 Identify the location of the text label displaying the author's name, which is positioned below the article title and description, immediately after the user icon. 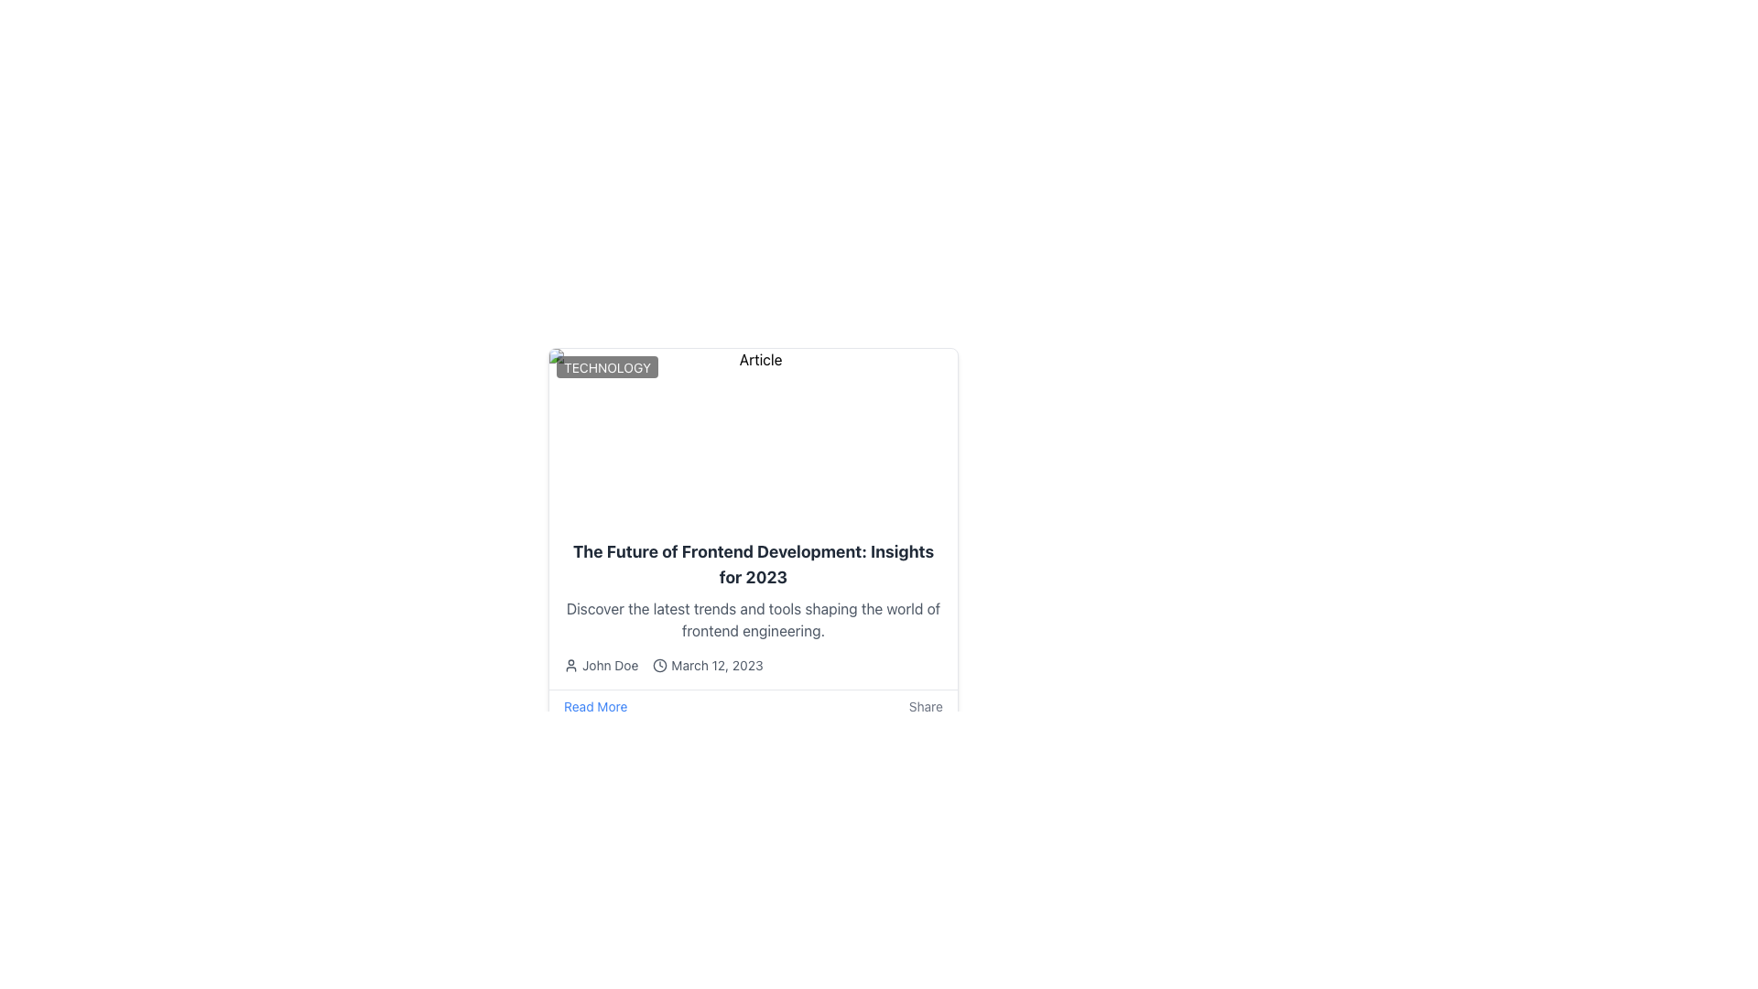
(610, 665).